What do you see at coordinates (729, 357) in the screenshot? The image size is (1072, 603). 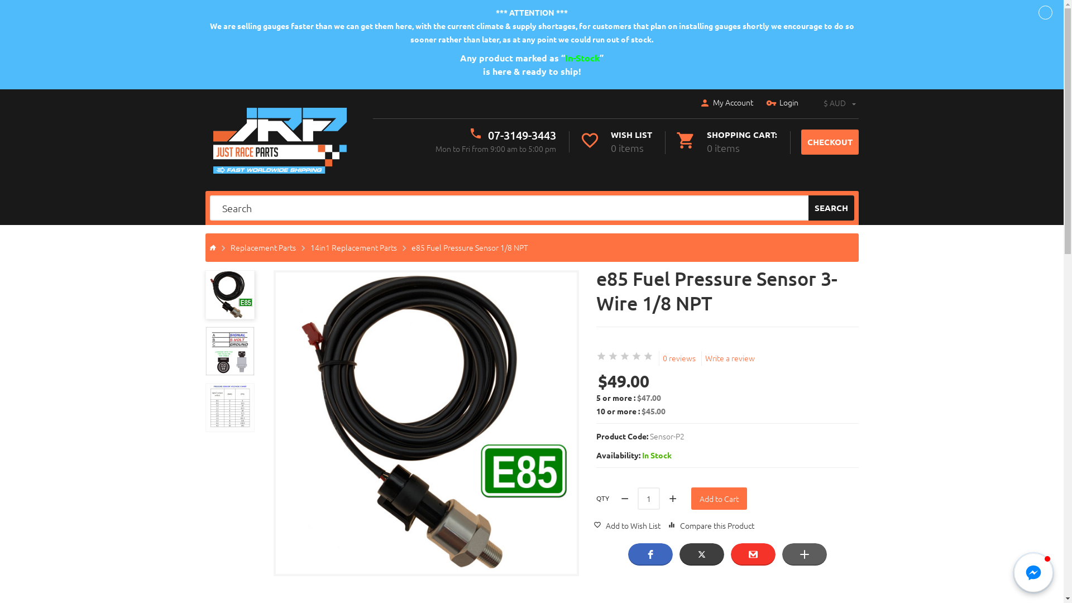 I see `'Write a review'` at bounding box center [729, 357].